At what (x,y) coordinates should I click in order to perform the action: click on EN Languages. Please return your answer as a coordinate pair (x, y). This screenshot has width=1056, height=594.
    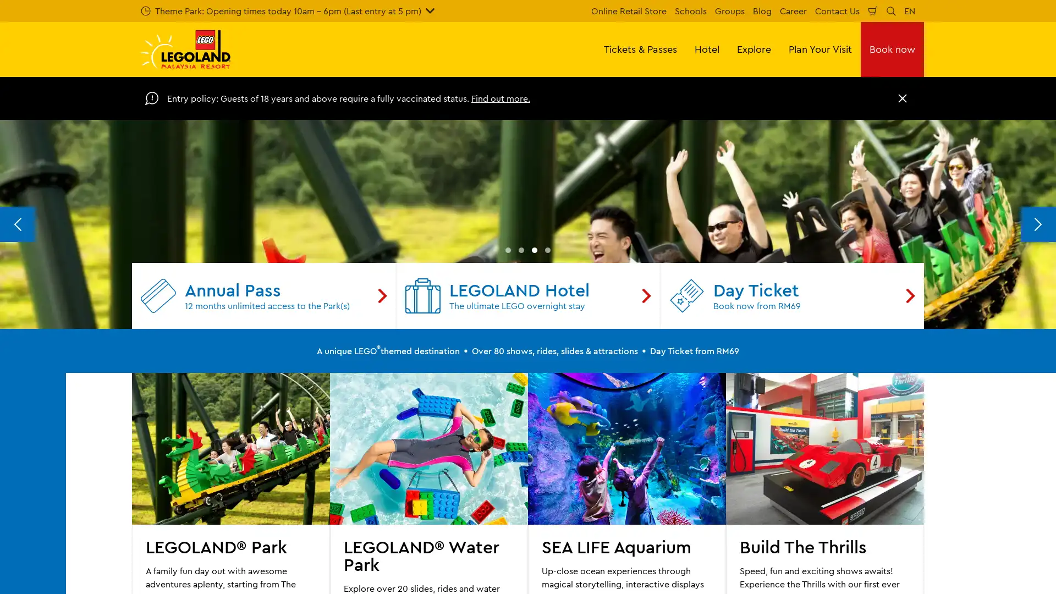
    Looking at the image, I should click on (910, 10).